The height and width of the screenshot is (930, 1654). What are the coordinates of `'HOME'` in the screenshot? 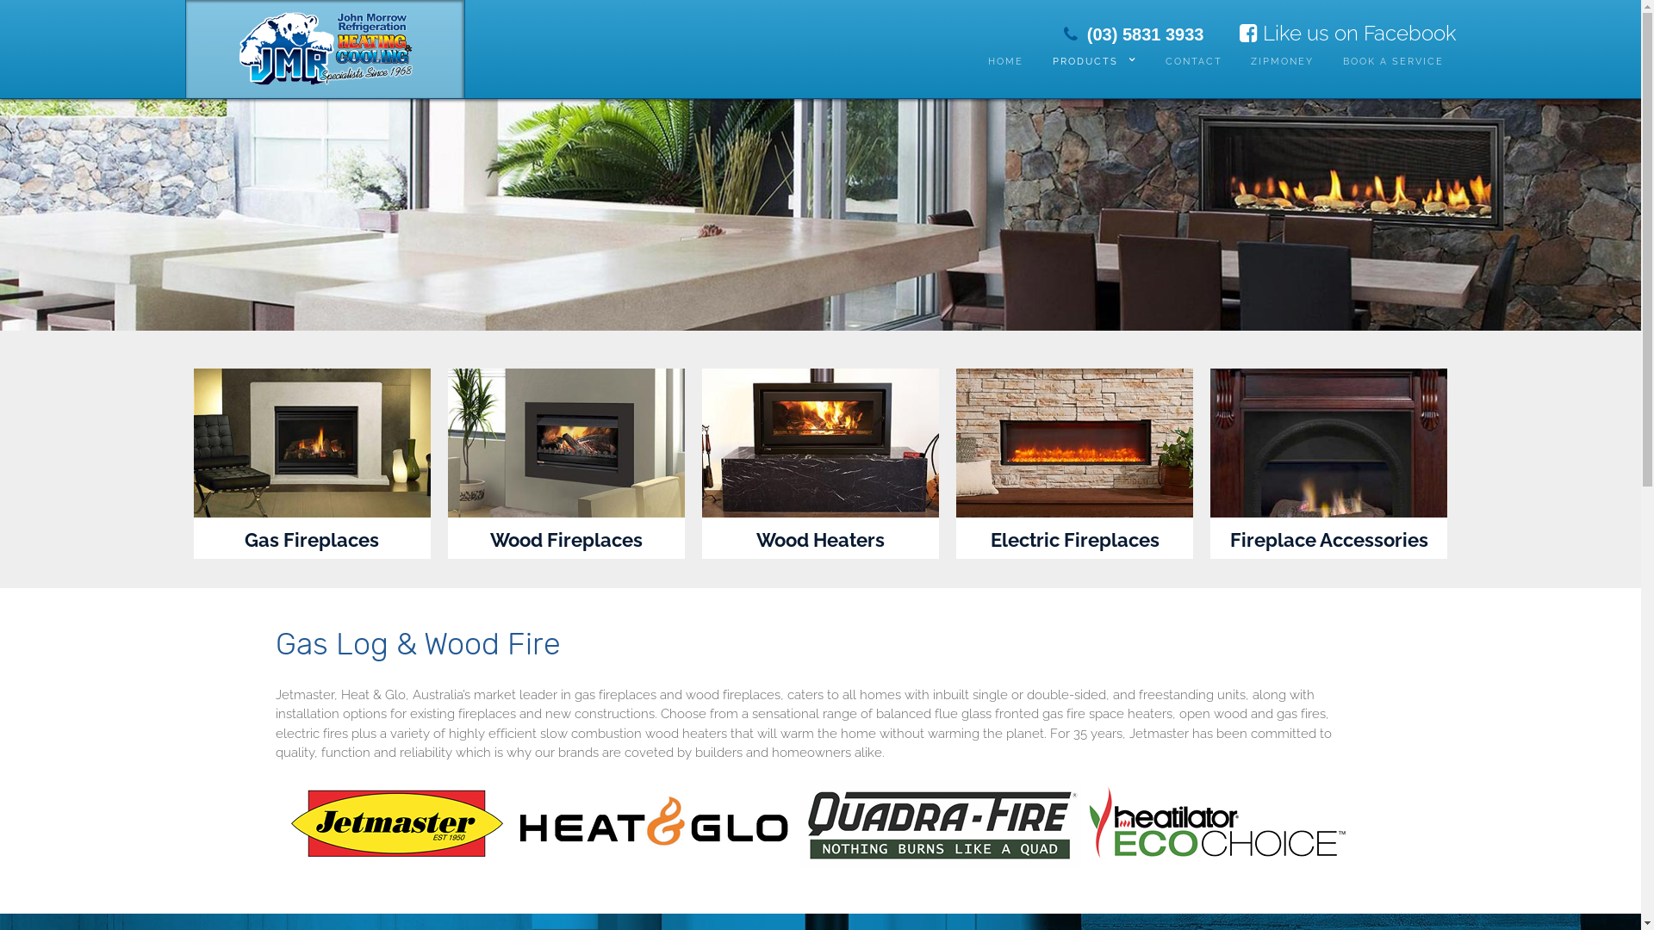 It's located at (975, 60).